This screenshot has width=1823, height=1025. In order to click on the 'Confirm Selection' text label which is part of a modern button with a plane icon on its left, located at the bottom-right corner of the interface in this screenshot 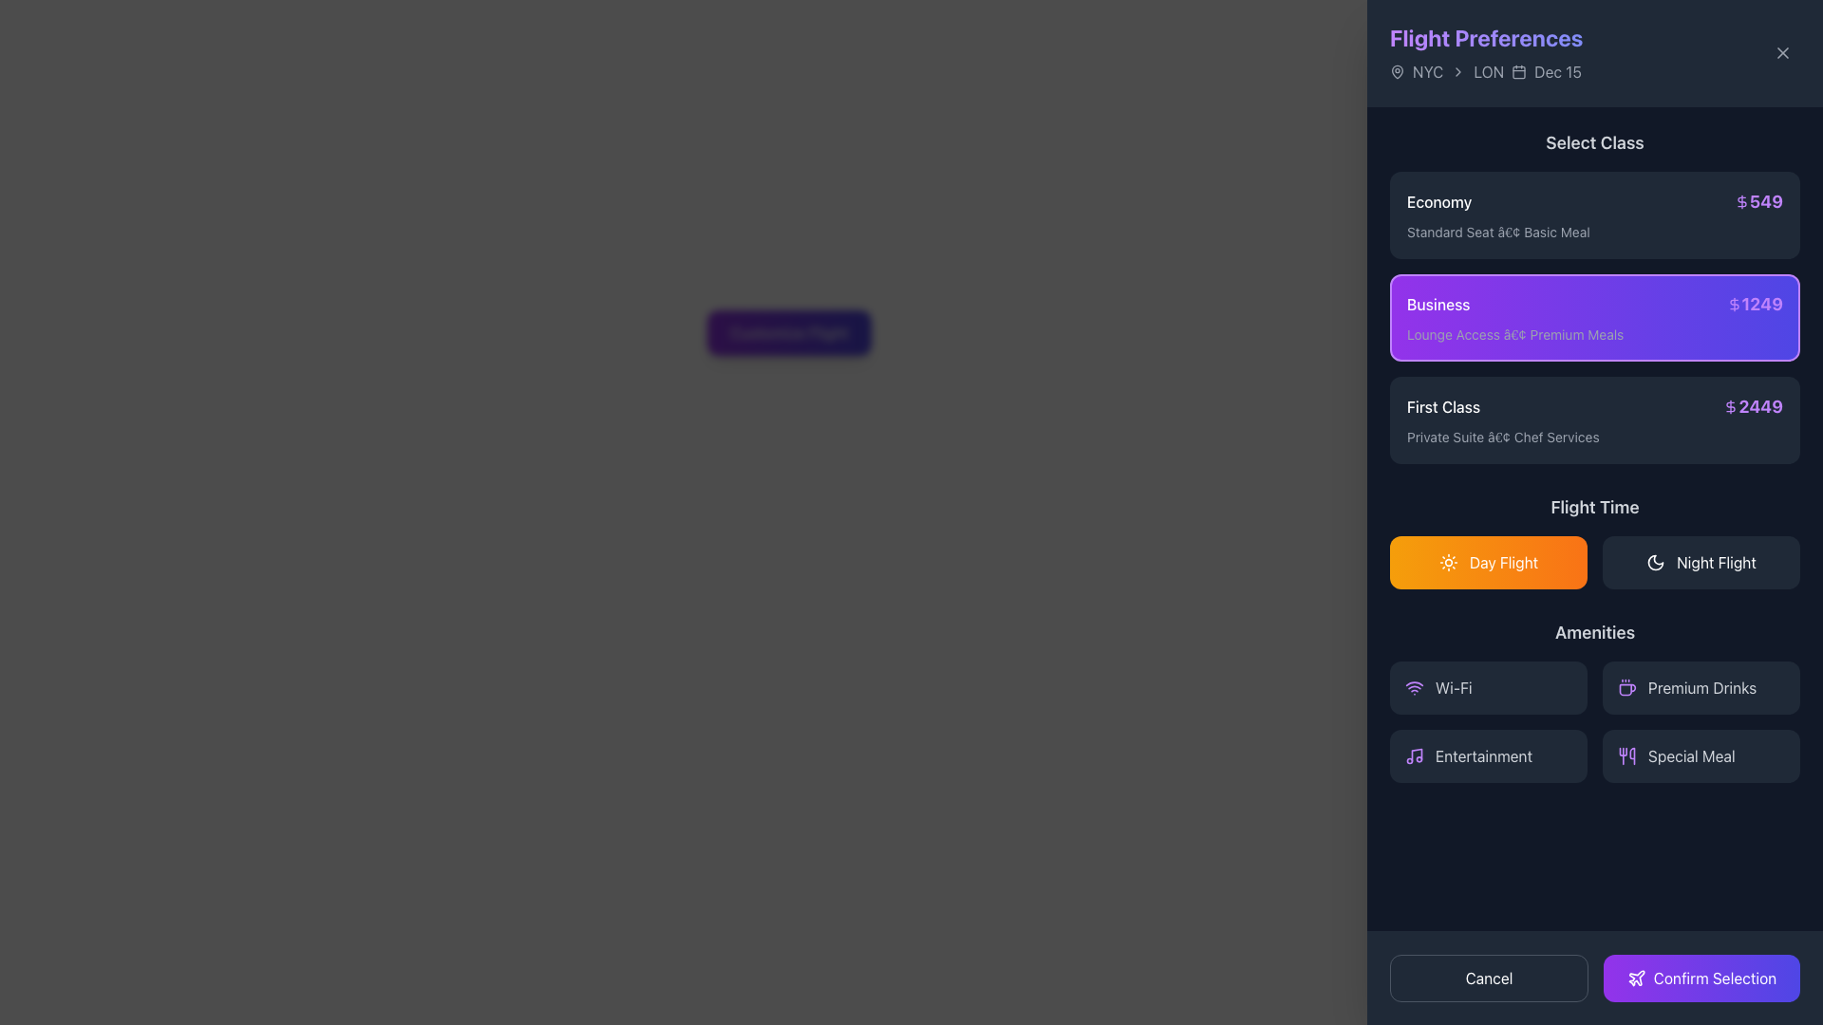, I will do `click(1715, 978)`.